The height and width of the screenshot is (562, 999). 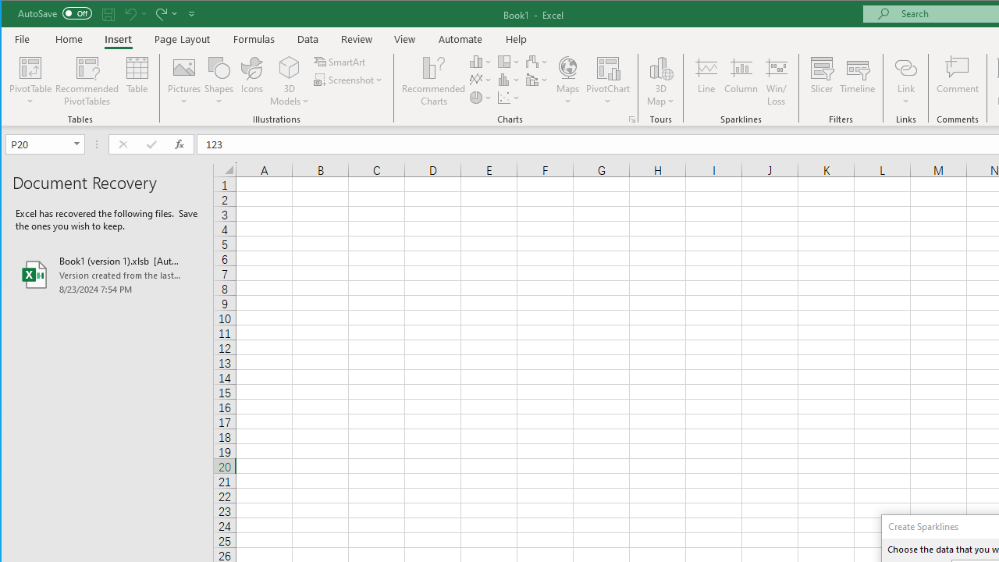 What do you see at coordinates (905, 66) in the screenshot?
I see `'Link'` at bounding box center [905, 66].